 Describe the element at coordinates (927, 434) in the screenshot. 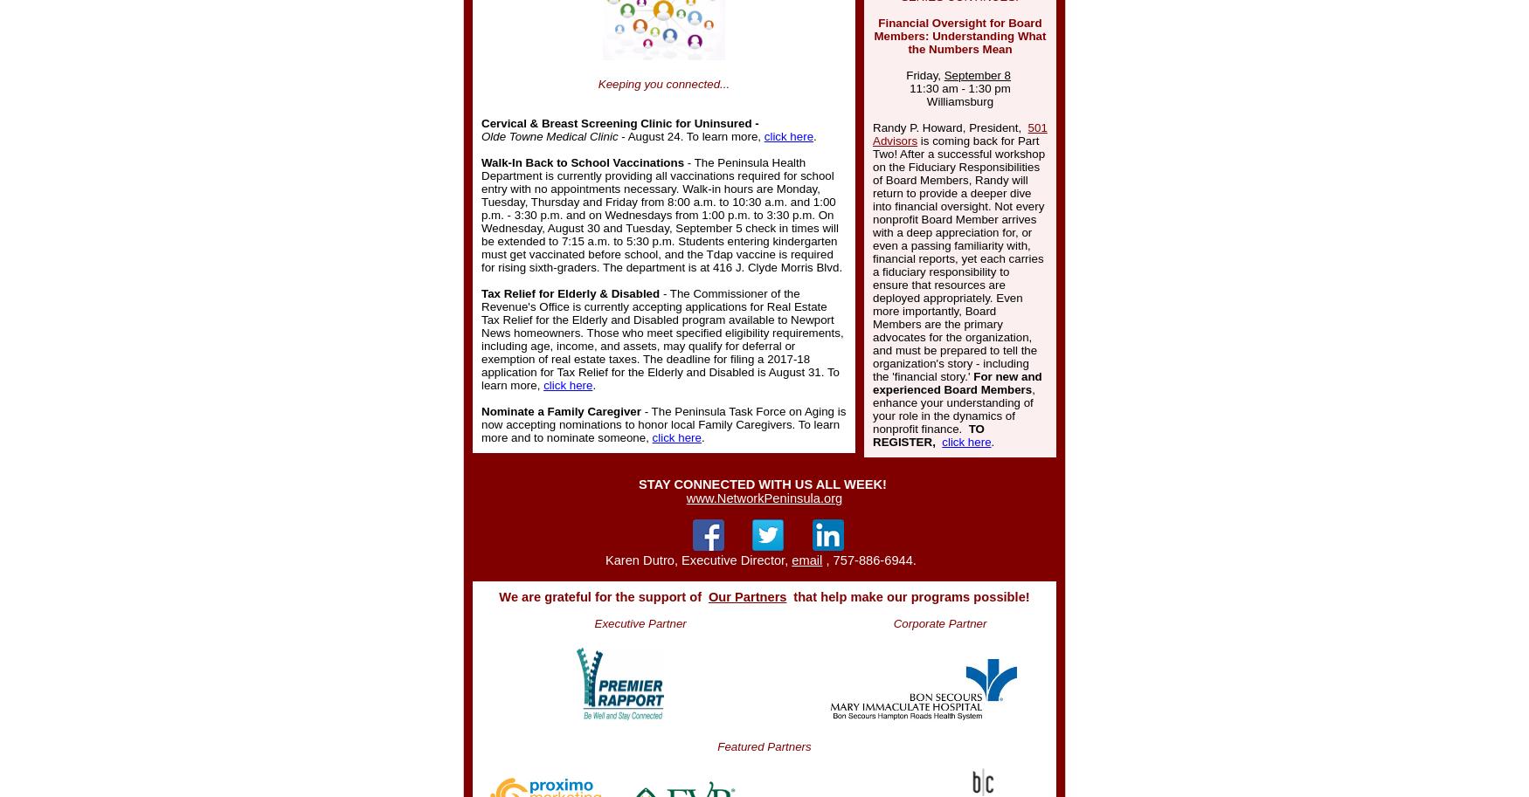

I see `'TO REGISTER,'` at that location.